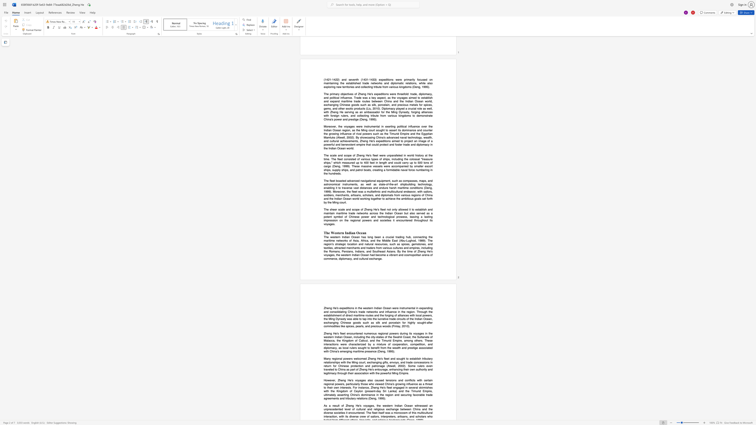 The height and width of the screenshot is (425, 756). Describe the element at coordinates (340, 395) in the screenshot. I see `the space between the continuous character "s" and "s" in the text` at that location.